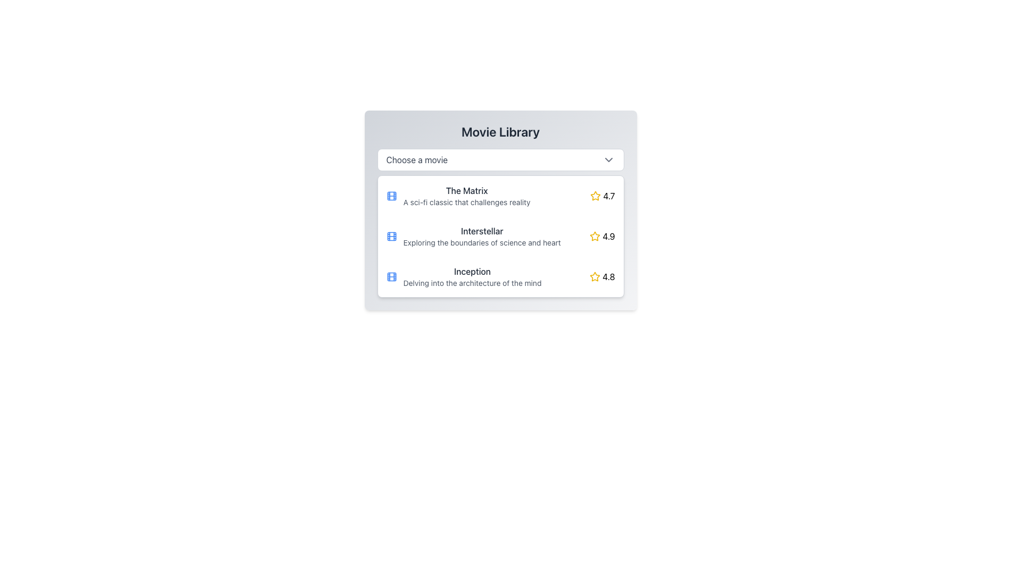 Image resolution: width=1021 pixels, height=574 pixels. What do you see at coordinates (608, 276) in the screenshot?
I see `numerical rating text label '4.8' that appears alongside a yellow star icon in the third row of the movie list titled 'Inception'` at bounding box center [608, 276].